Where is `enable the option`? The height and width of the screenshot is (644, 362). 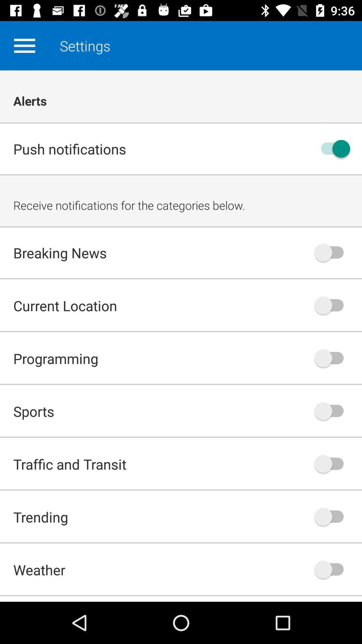 enable the option is located at coordinates (332, 464).